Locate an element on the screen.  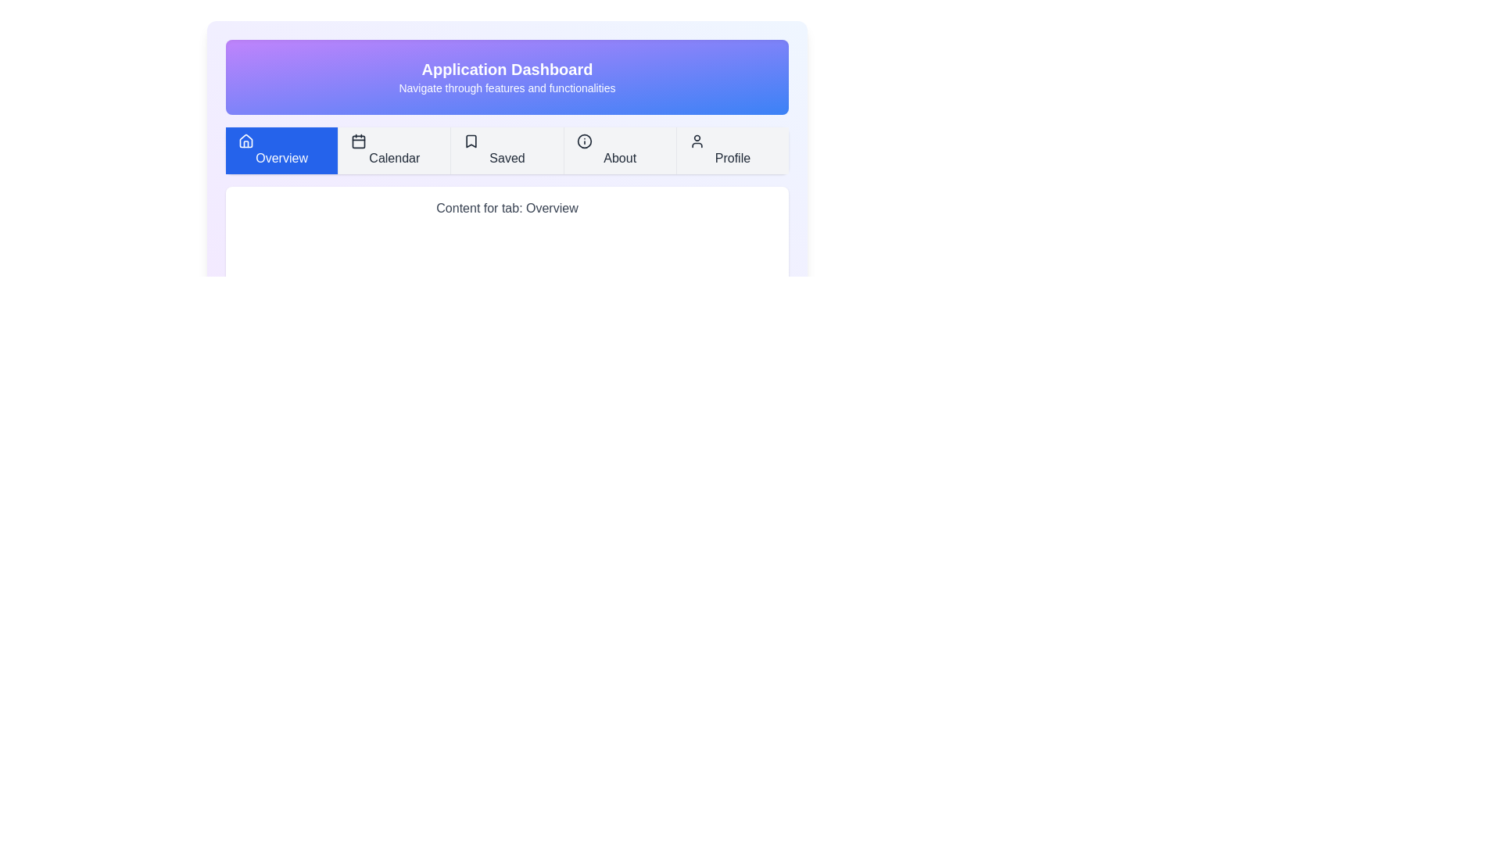
the 'Saved' tab in the segmented tab bar located below the 'Application Dashboard' header is located at coordinates (507, 150).